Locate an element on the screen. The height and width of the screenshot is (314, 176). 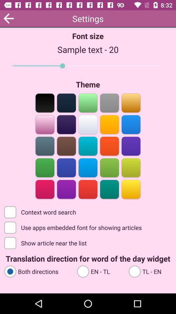
lilac coor is located at coordinates (45, 124).